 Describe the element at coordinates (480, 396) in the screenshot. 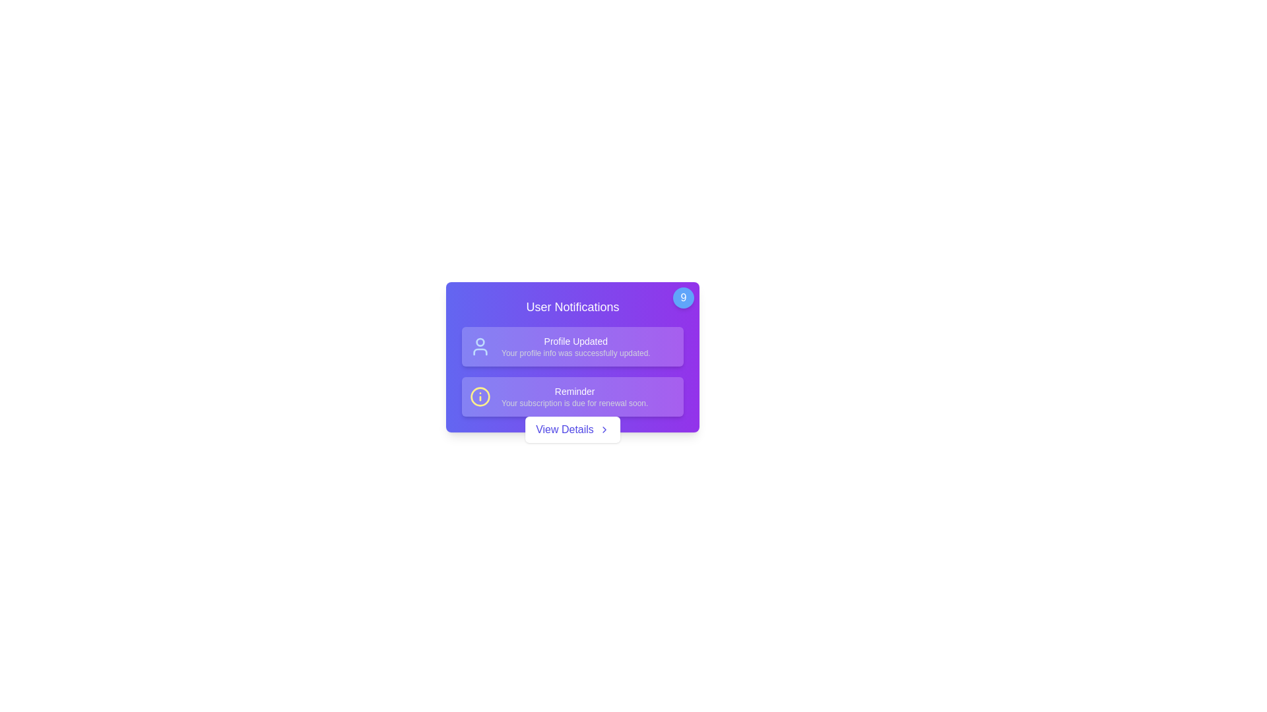

I see `the informational icon represented by a yellow circular border with an 'i' shape, located beside the 'Reminder' heading in the User Notifications area to trigger hover effects` at that location.